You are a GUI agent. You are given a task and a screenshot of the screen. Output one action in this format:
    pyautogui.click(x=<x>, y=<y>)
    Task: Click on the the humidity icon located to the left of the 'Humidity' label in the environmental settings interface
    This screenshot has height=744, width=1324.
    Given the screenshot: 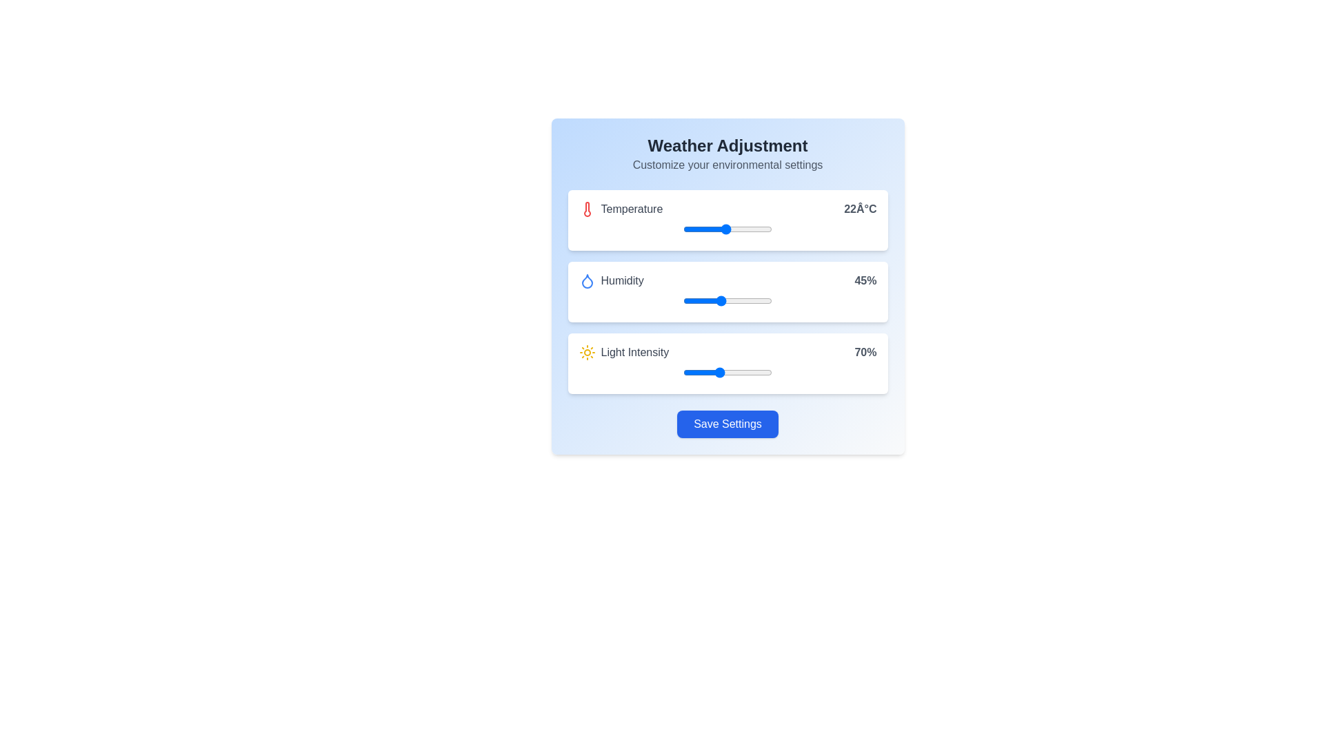 What is the action you would take?
    pyautogui.click(x=587, y=280)
    